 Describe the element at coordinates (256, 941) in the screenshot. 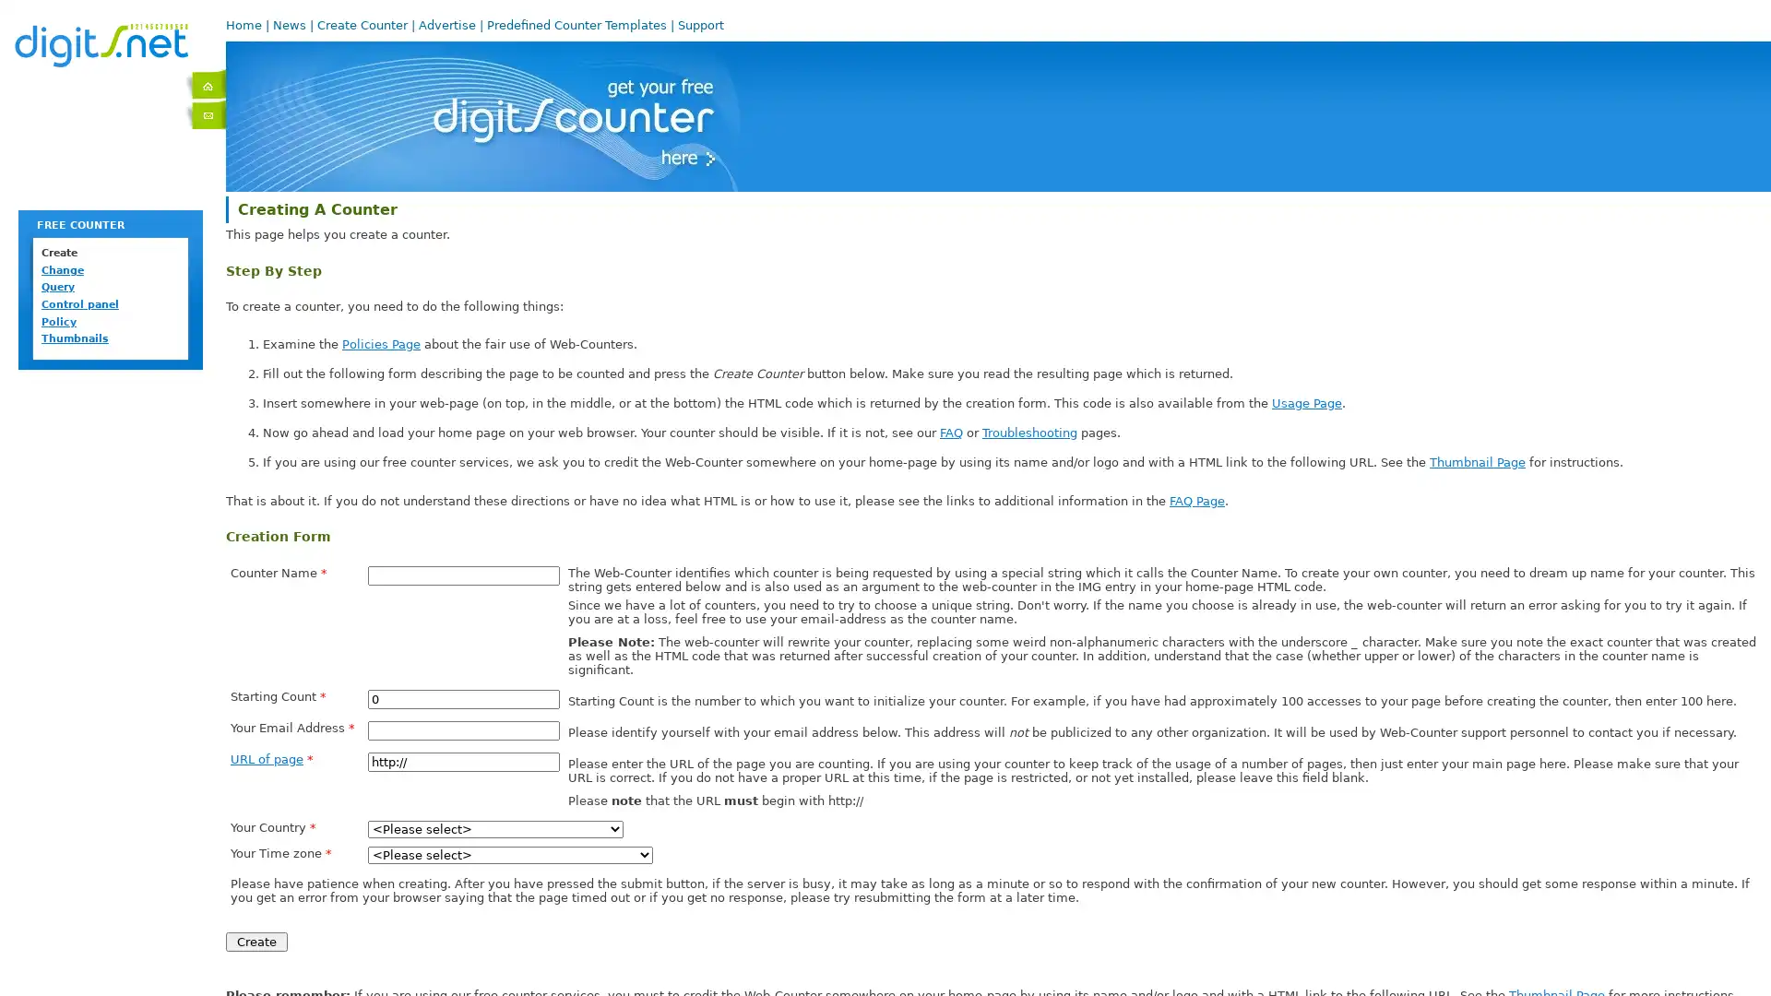

I see `Create` at that location.